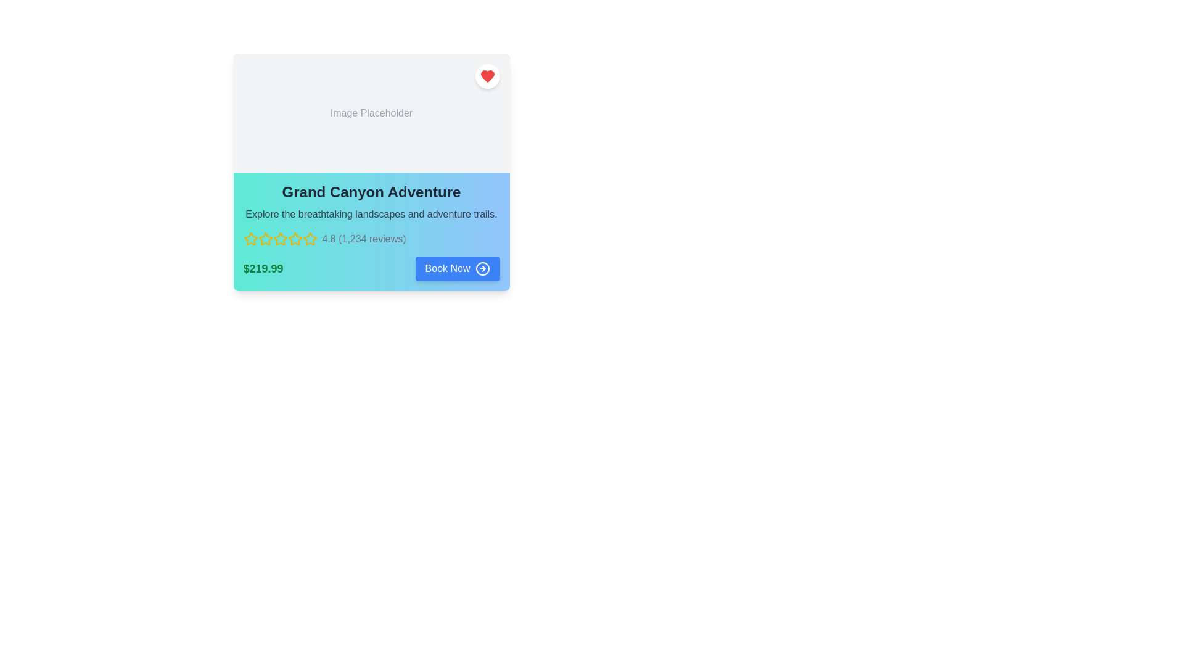 The height and width of the screenshot is (666, 1184). What do you see at coordinates (446, 268) in the screenshot?
I see `the 'Book Now' button which is a blue button with white text and an arrow icon, located at the bottom-right section of the card component` at bounding box center [446, 268].